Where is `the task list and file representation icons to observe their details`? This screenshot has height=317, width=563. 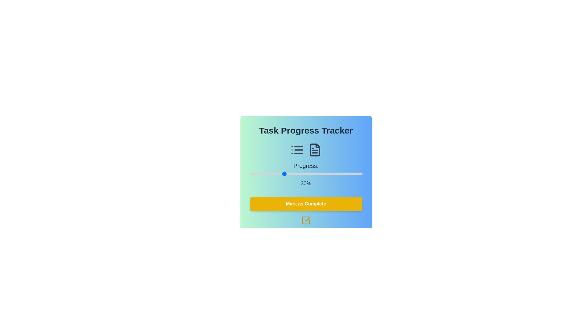 the task list and file representation icons to observe their details is located at coordinates (297, 149).